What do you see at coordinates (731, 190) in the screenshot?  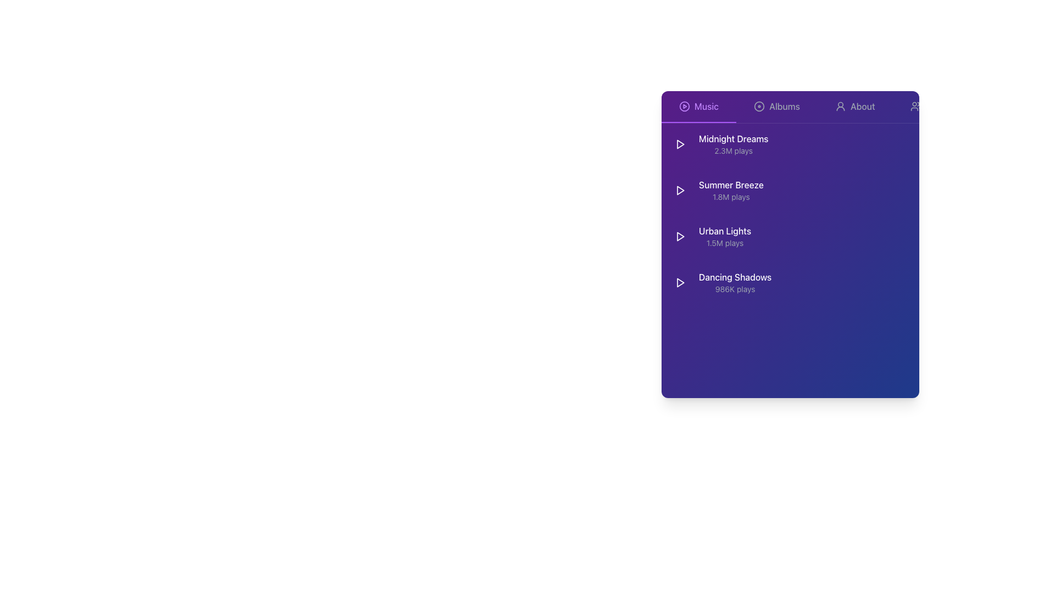 I see `the text label displaying the song title 'Summer Breeze' and its play count '1.8M plays', which is located in the sidebar below 'Midnight Dreams' and above 'Urban Lights'` at bounding box center [731, 190].